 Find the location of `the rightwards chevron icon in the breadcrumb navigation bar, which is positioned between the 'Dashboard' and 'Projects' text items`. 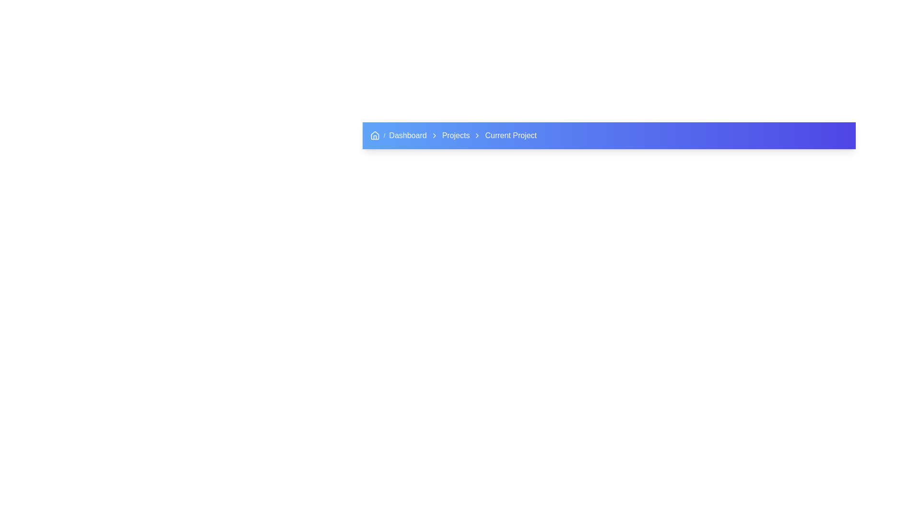

the rightwards chevron icon in the breadcrumb navigation bar, which is positioned between the 'Dashboard' and 'Projects' text items is located at coordinates (434, 135).